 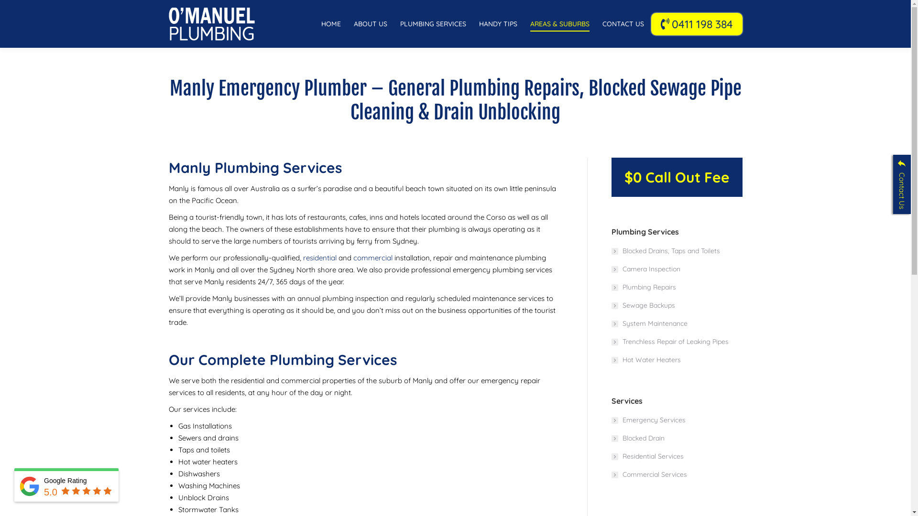 I want to click on 'residential', so click(x=319, y=257).